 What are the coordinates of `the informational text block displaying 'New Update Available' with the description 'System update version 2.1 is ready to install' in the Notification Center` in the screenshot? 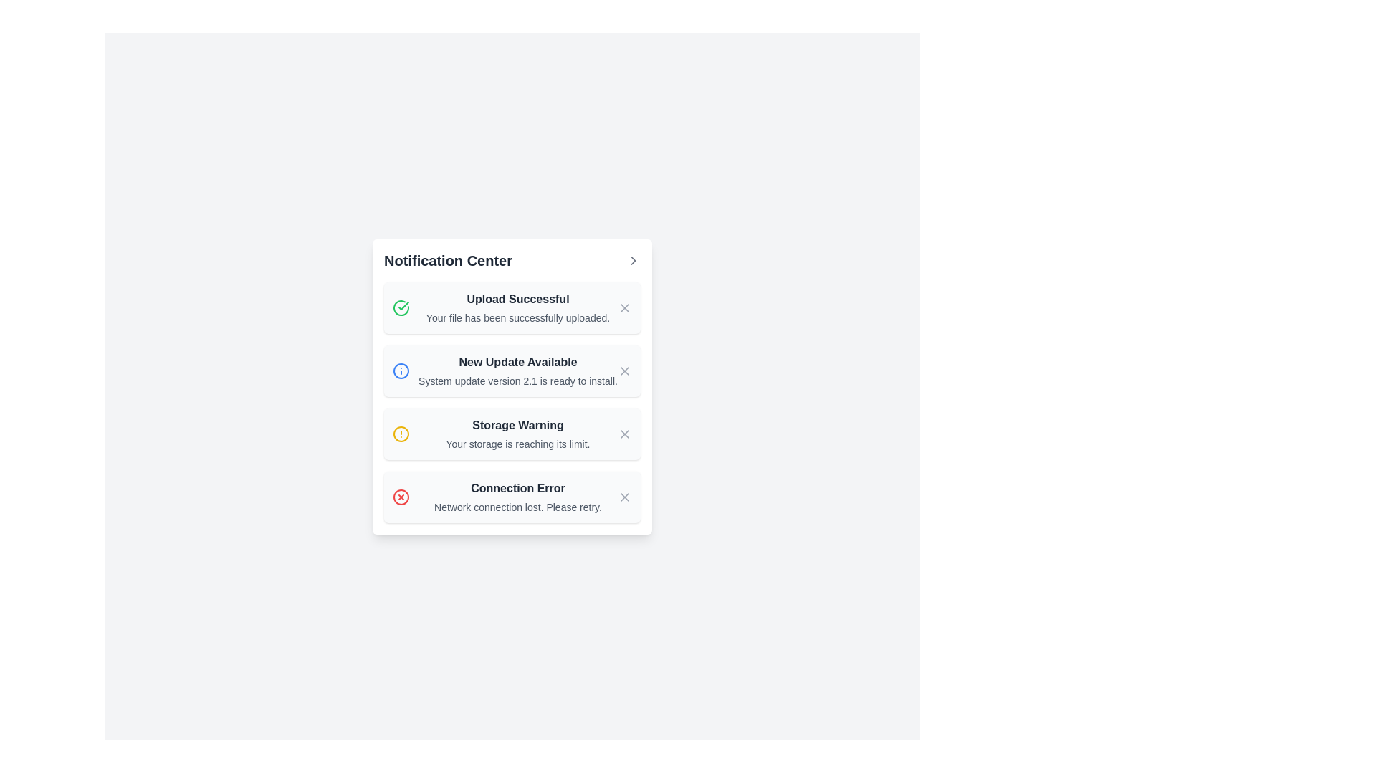 It's located at (517, 370).